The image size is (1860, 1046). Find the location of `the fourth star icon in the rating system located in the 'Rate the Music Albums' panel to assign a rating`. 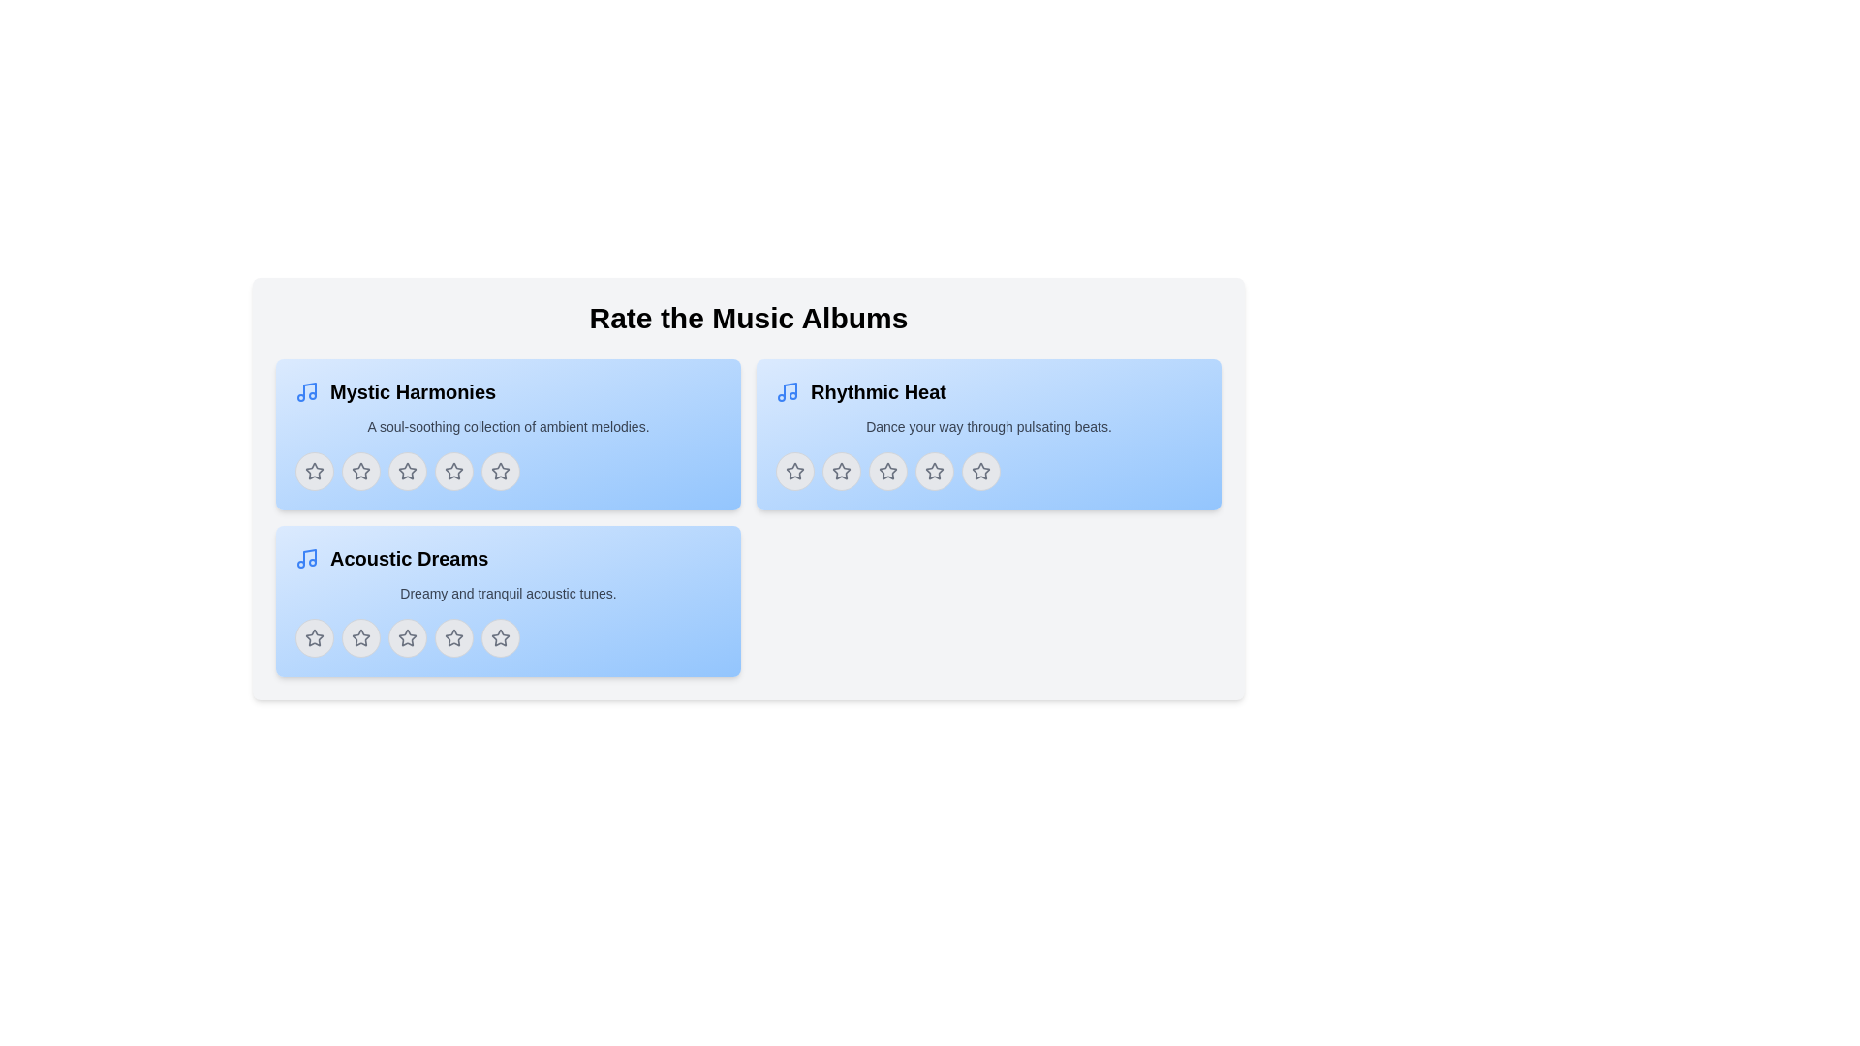

the fourth star icon in the rating system located in the 'Rate the Music Albums' panel to assign a rating is located at coordinates (980, 471).